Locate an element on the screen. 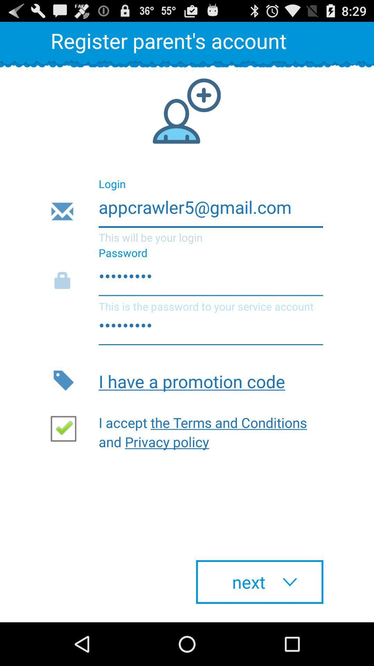  i accept the is located at coordinates (206, 430).